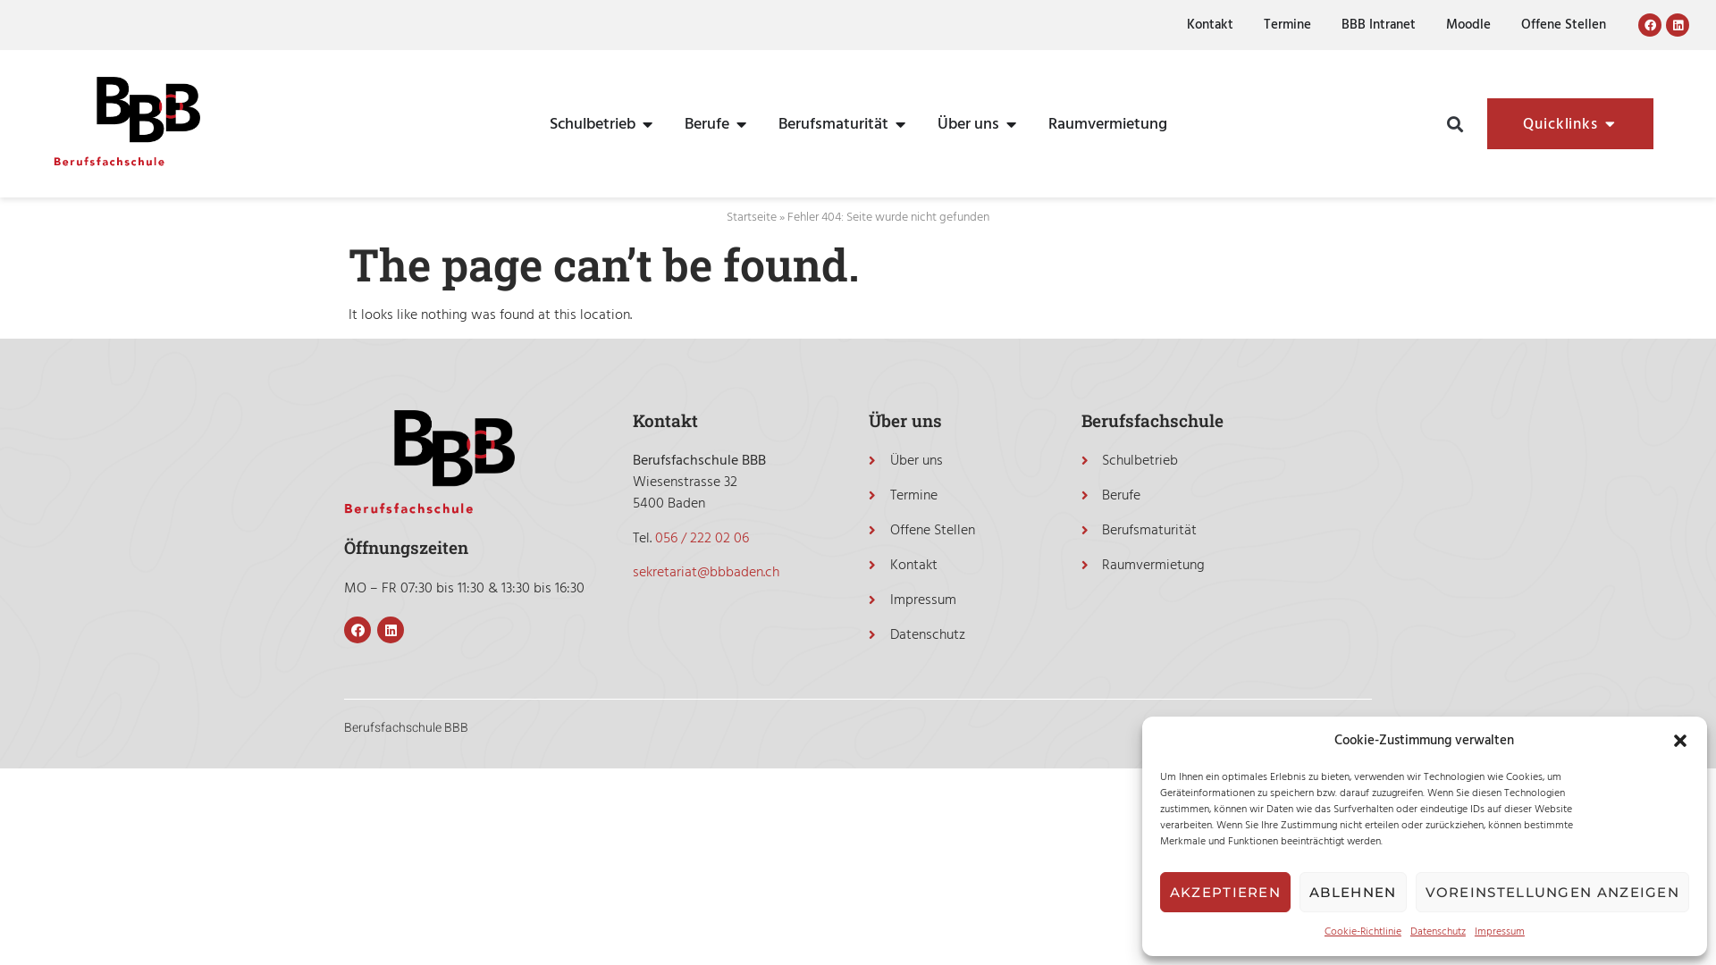 The width and height of the screenshot is (1716, 965). What do you see at coordinates (1500, 930) in the screenshot?
I see `'Impressum'` at bounding box center [1500, 930].